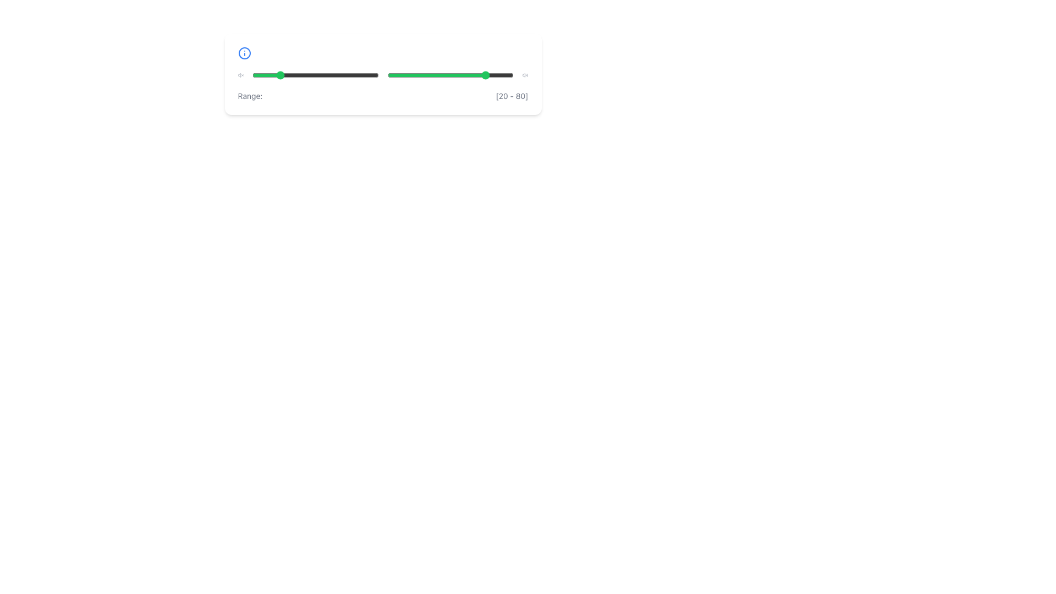 Image resolution: width=1056 pixels, height=594 pixels. Describe the element at coordinates (484, 75) in the screenshot. I see `the slider value` at that location.